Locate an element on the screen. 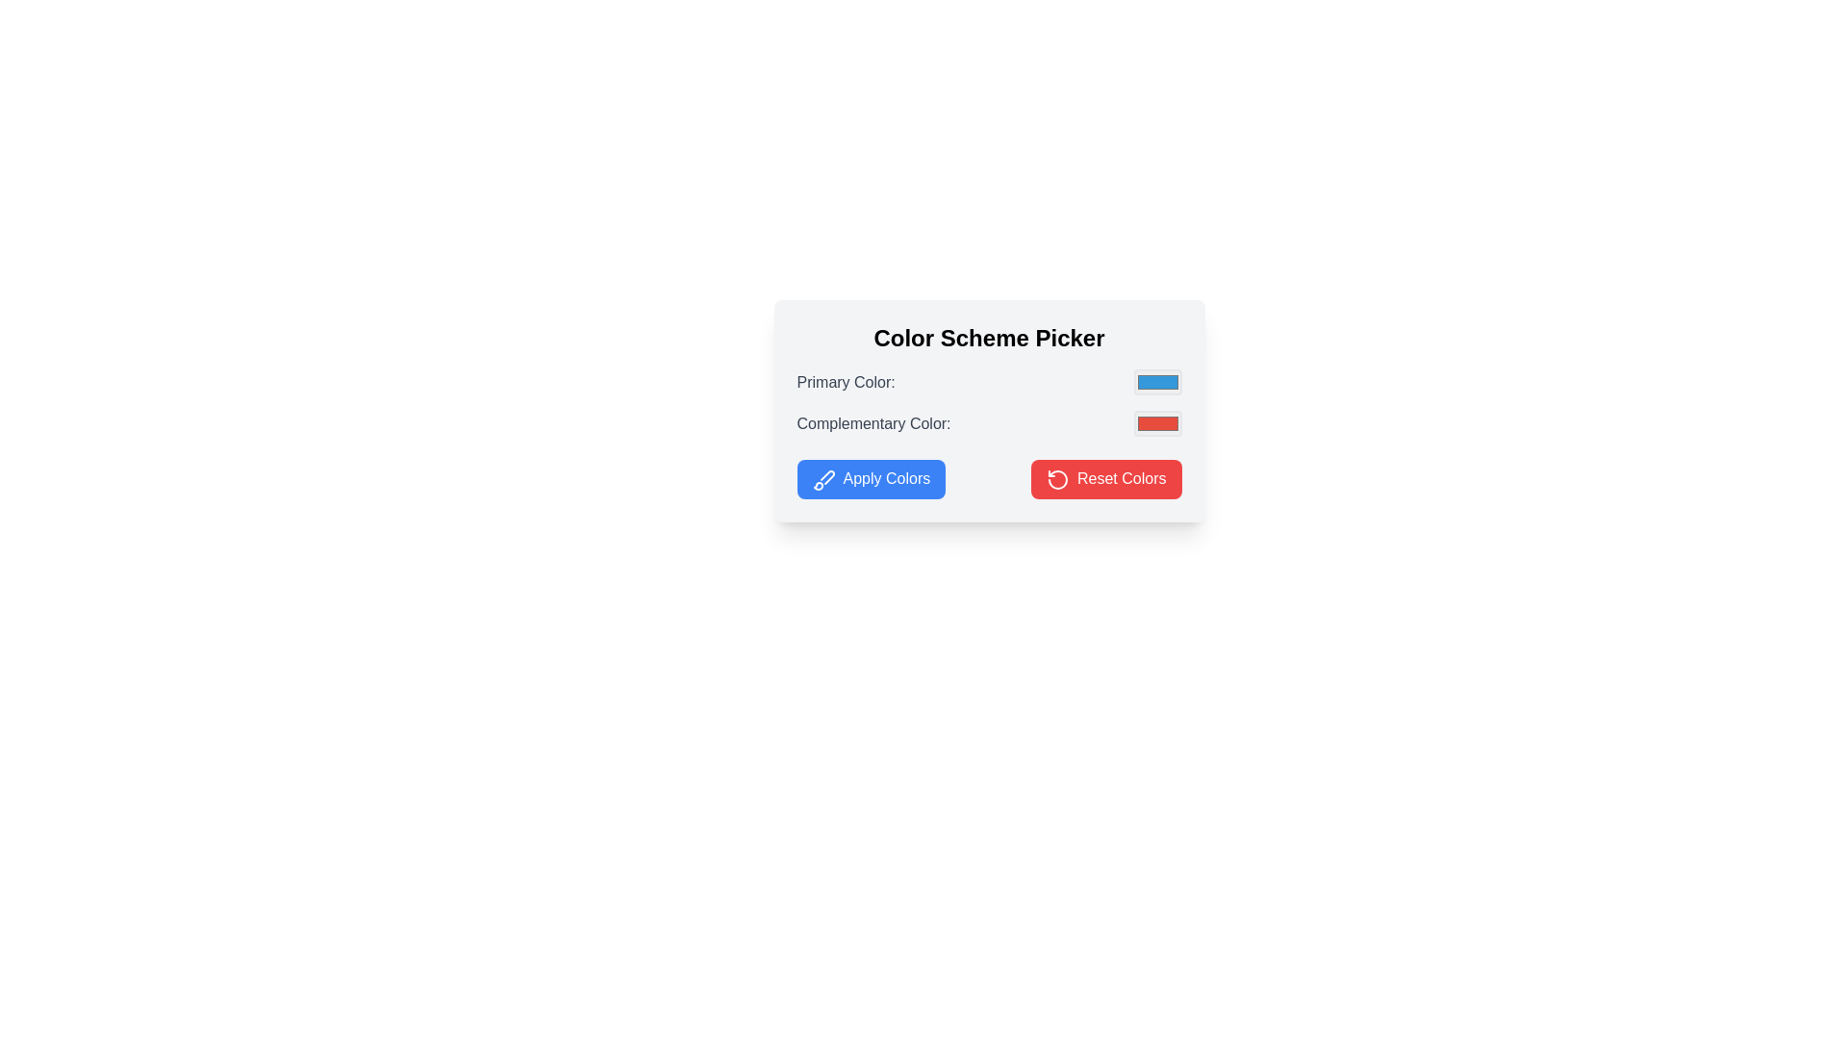 This screenshot has height=1039, width=1847. the rectangular button with a blue background labeled 'Apply Colors' to observe its hover effect is located at coordinates (870, 478).